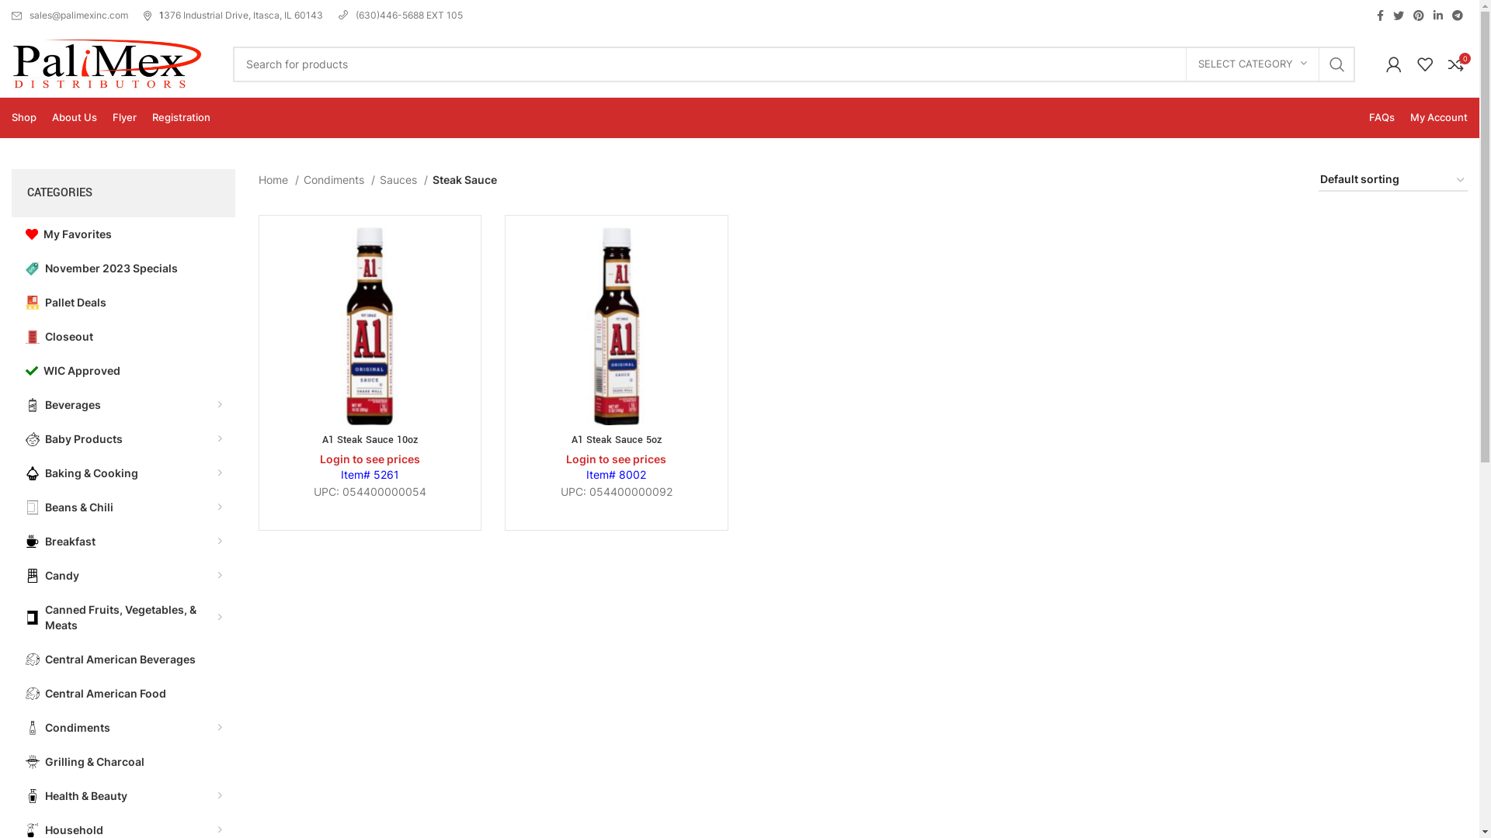 This screenshot has width=1491, height=838. I want to click on 'Pallet Deals', so click(122, 302).